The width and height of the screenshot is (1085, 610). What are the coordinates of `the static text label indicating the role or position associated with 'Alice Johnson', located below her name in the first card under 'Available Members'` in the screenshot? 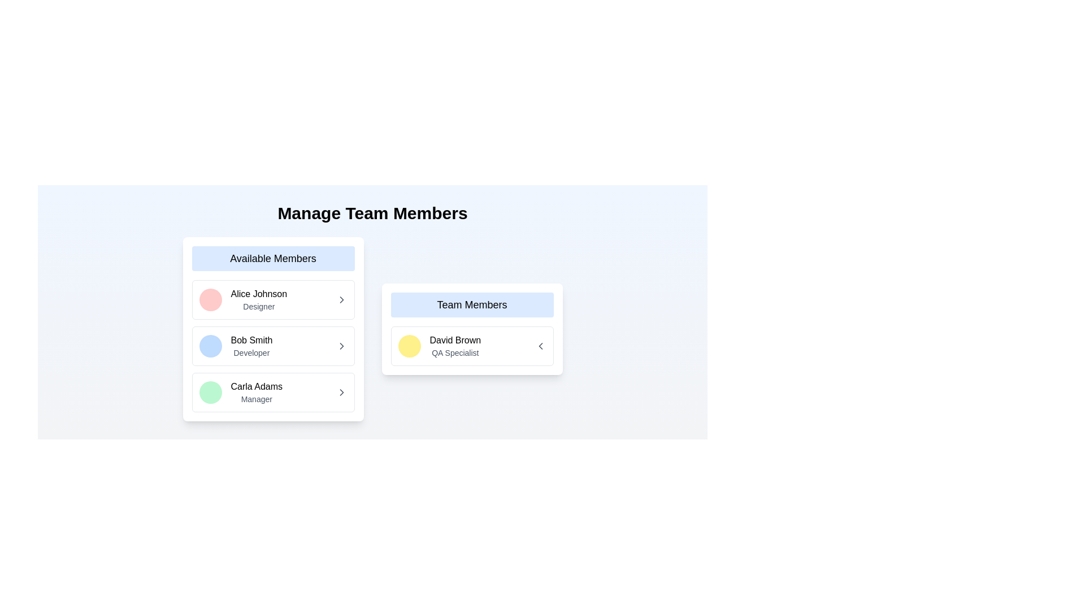 It's located at (258, 307).